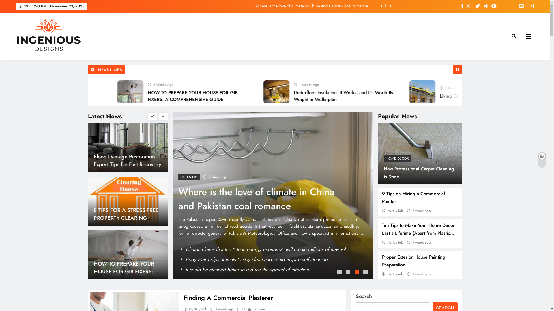  Describe the element at coordinates (382, 211) in the screenshot. I see `'rtyrtuyiiok'` at that location.